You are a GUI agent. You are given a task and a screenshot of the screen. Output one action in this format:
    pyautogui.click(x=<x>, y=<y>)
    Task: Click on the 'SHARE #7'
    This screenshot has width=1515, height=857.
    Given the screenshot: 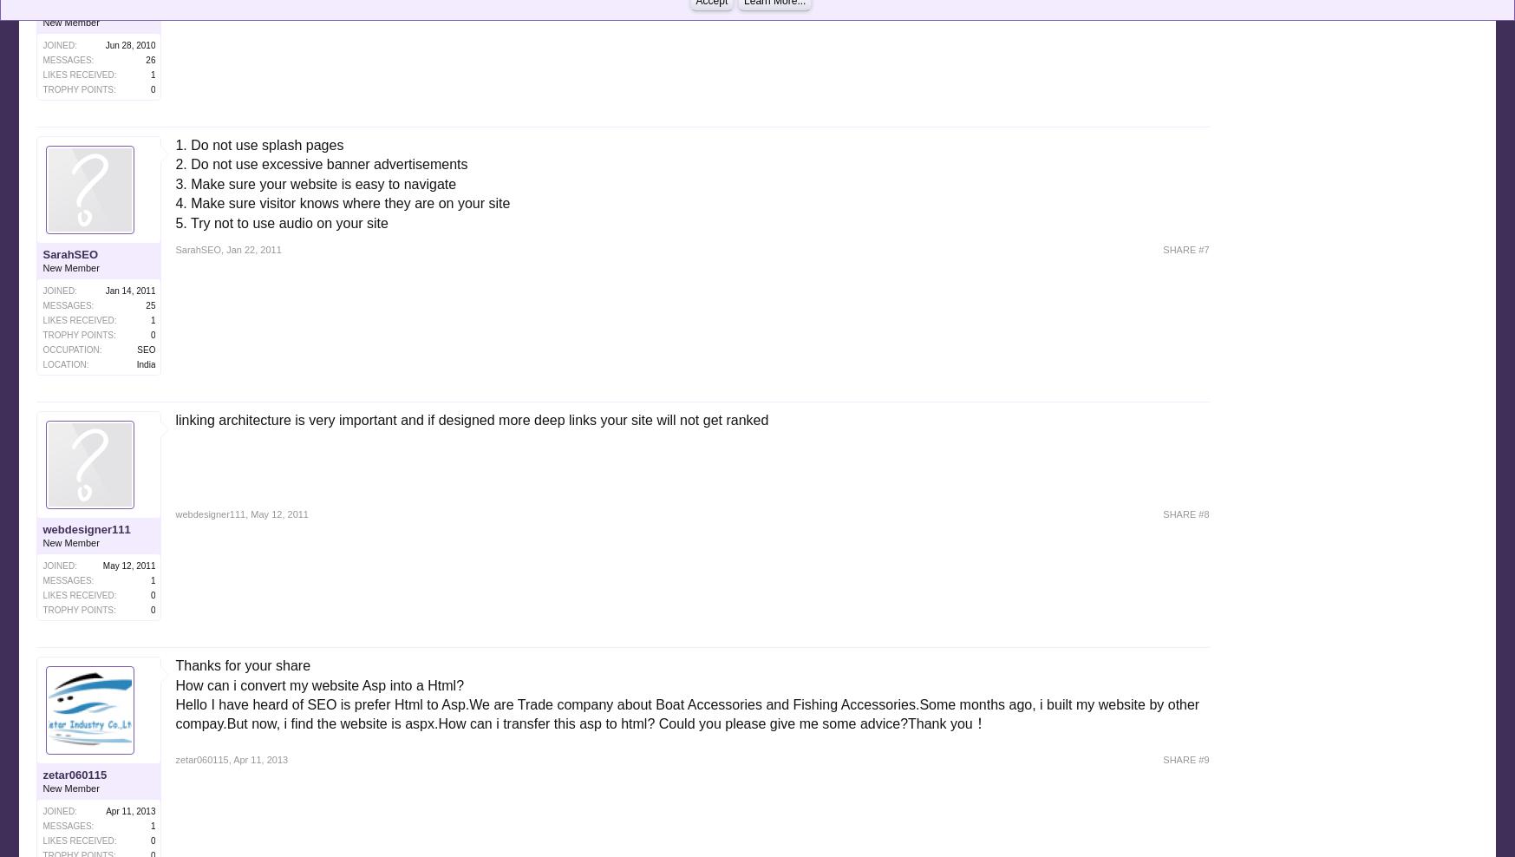 What is the action you would take?
    pyautogui.click(x=1185, y=249)
    